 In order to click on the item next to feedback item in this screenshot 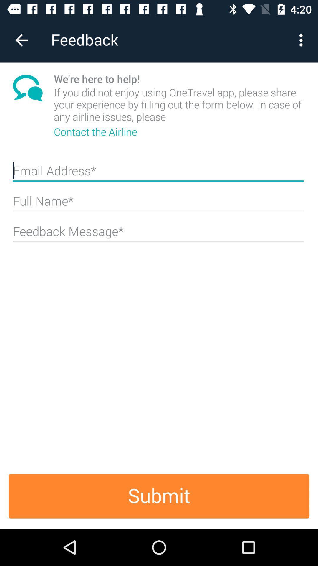, I will do `click(302, 40)`.